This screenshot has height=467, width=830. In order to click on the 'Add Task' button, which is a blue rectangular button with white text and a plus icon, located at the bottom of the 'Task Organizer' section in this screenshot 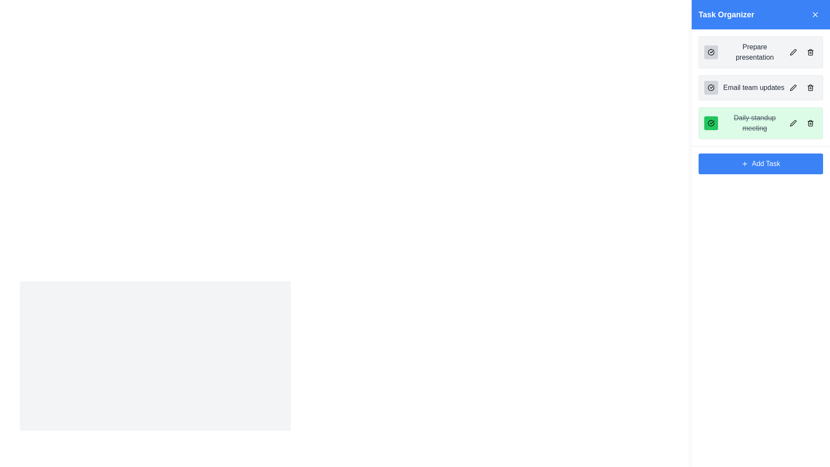, I will do `click(766, 163)`.